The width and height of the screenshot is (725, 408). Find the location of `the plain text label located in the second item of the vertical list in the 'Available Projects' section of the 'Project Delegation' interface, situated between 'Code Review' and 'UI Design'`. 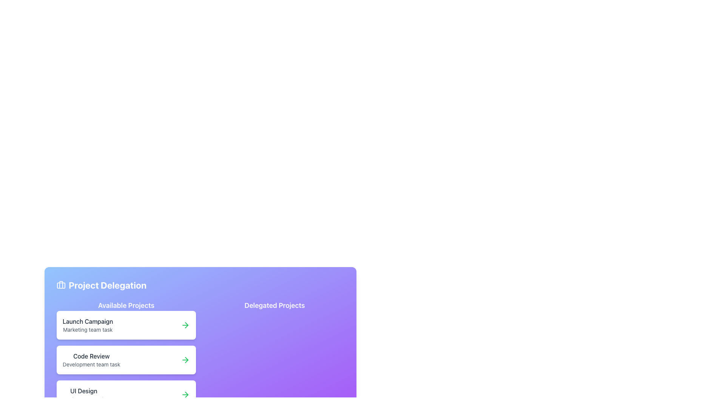

the plain text label located in the second item of the vertical list in the 'Available Projects' section of the 'Project Delegation' interface, situated between 'Code Review' and 'UI Design' is located at coordinates (91, 364).